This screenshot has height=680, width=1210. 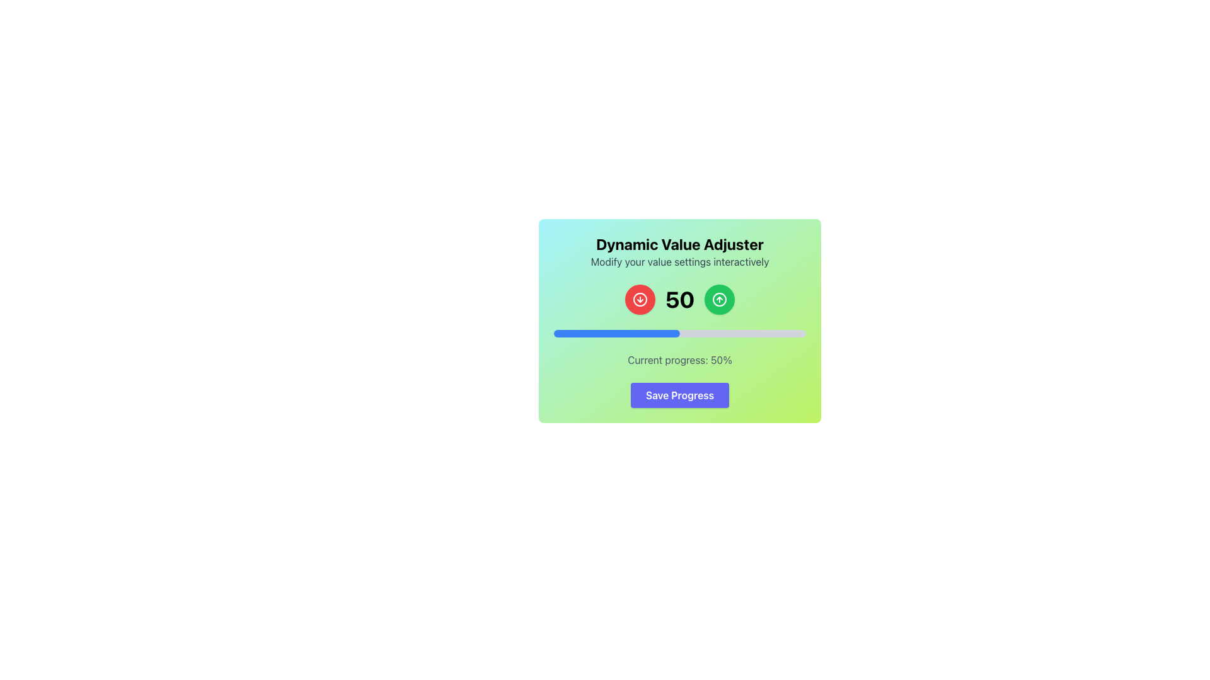 I want to click on the blue rectangular 'Save Progress' button with rounded corners located beneath the text 'Current progress: 50%', so click(x=679, y=395).